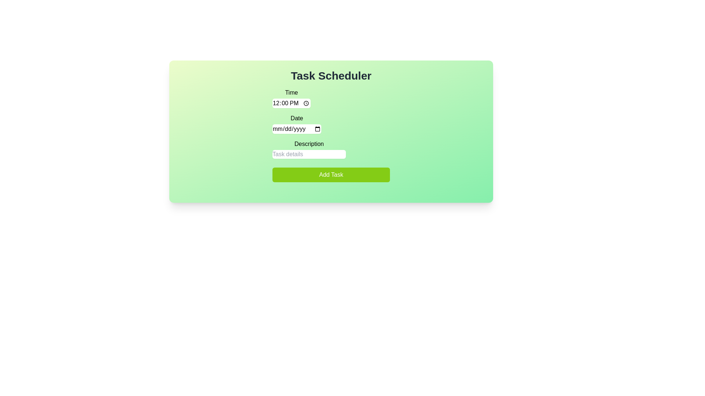  Describe the element at coordinates (331, 76) in the screenshot. I see `the bold, dark-colored text reading 'Task Scheduler' which is prominently displayed at the top of a UI card with a green gradient background` at that location.